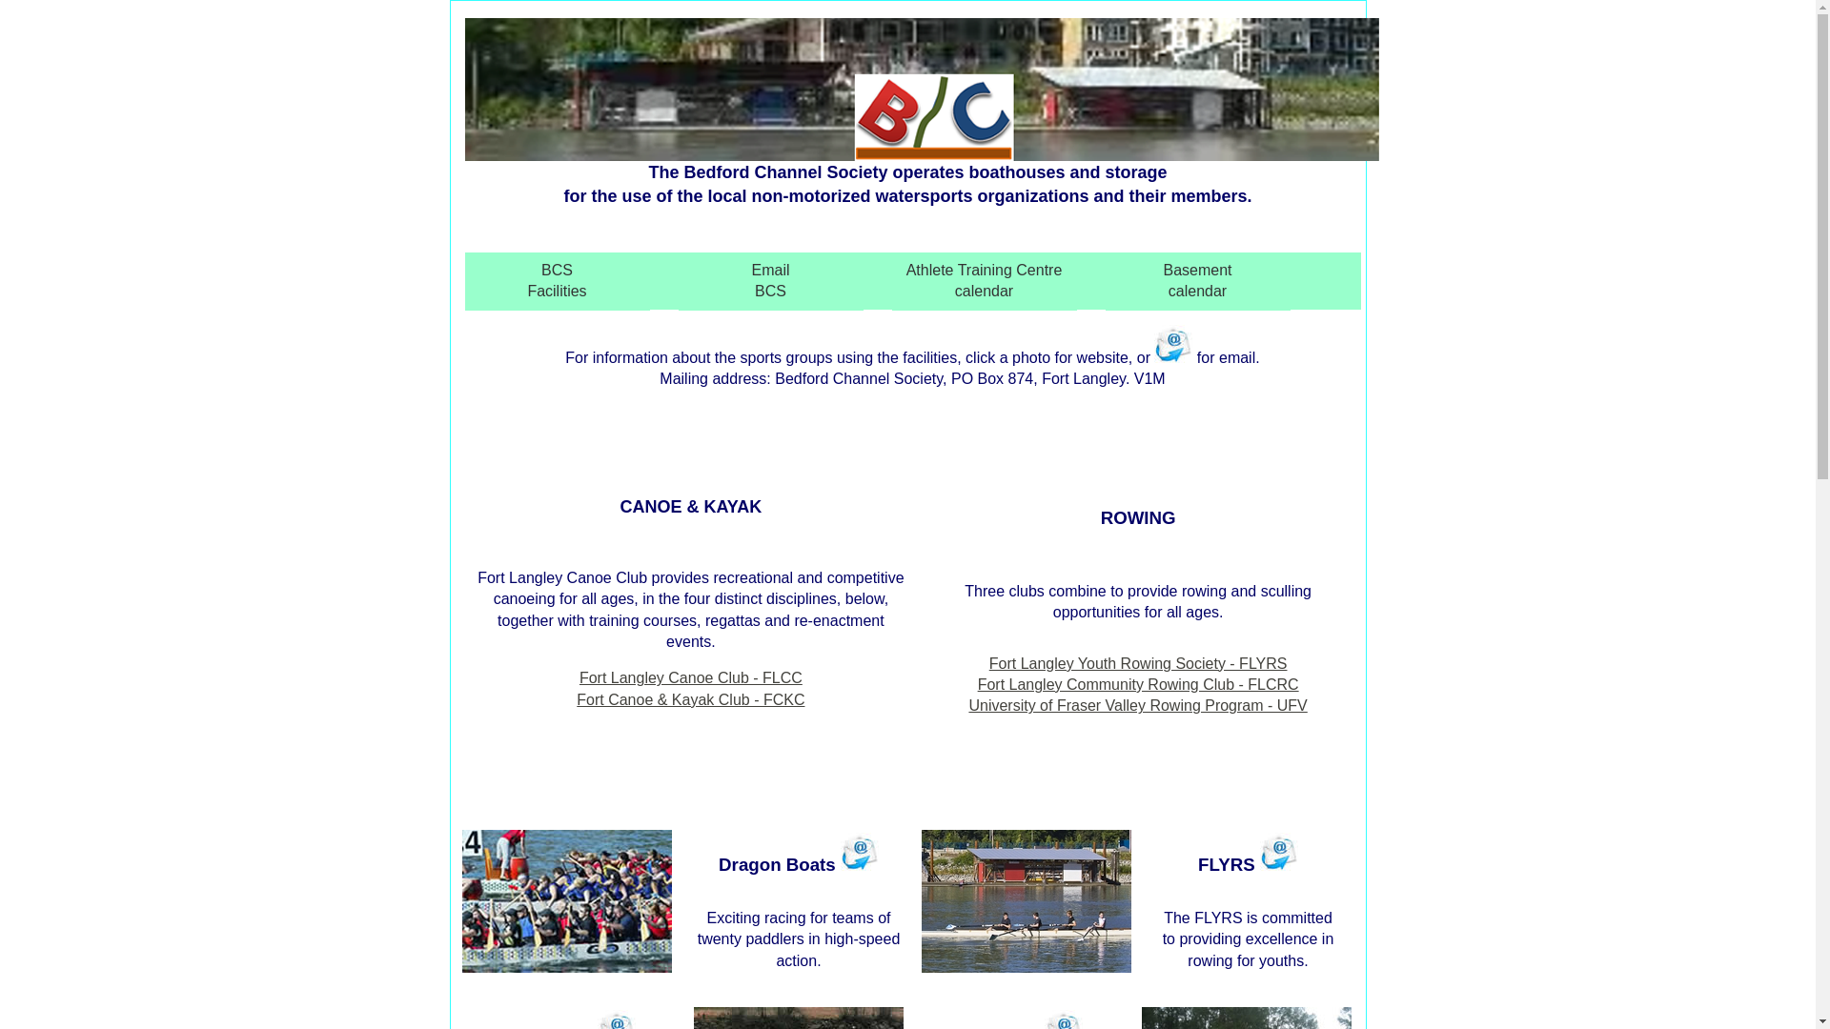  I want to click on 'Email, so click(771, 281).